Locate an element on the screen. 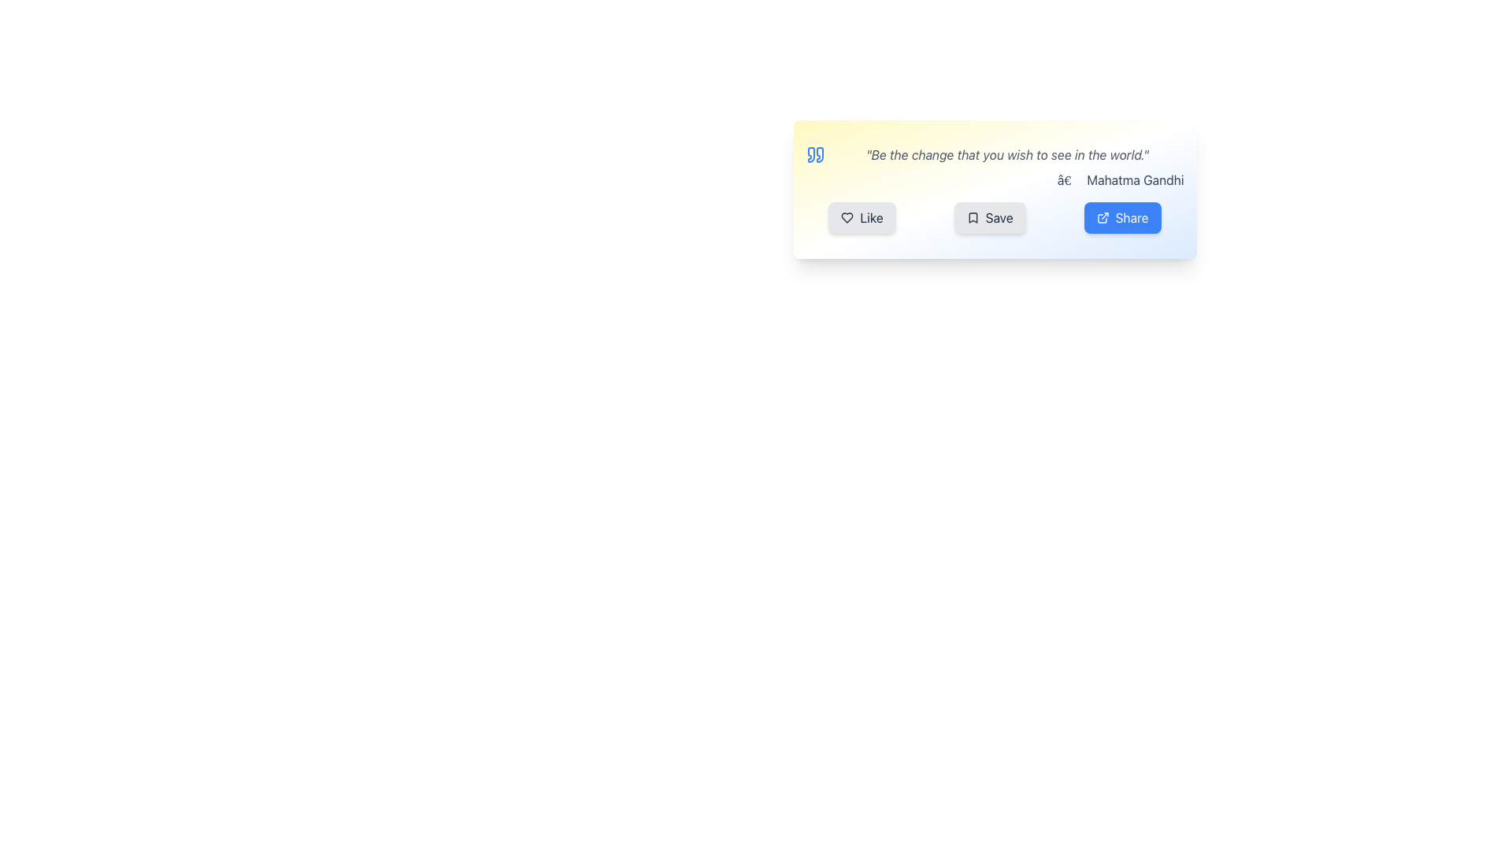 This screenshot has height=850, width=1512. the visual cues of the bookmark icon, which is styled with a dark stroke on a light background and is embedded within the 'Save' button is located at coordinates (972, 218).